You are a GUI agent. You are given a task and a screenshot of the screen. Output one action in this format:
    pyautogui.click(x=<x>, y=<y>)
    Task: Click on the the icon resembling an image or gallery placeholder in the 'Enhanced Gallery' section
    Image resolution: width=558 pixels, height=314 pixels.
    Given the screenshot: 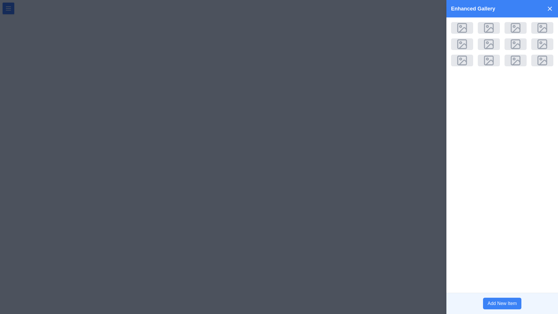 What is the action you would take?
    pyautogui.click(x=516, y=28)
    